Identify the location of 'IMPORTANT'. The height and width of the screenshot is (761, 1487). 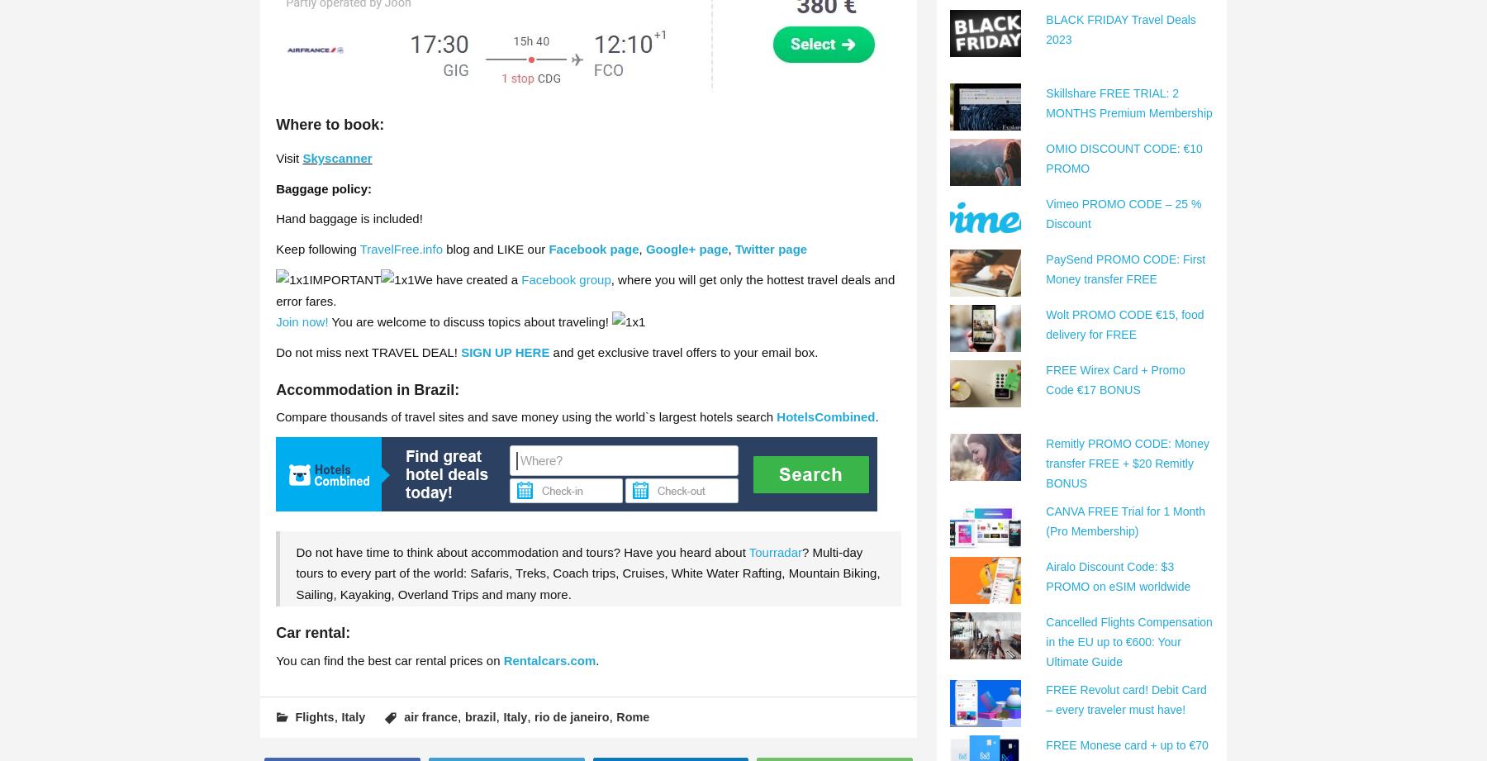
(344, 279).